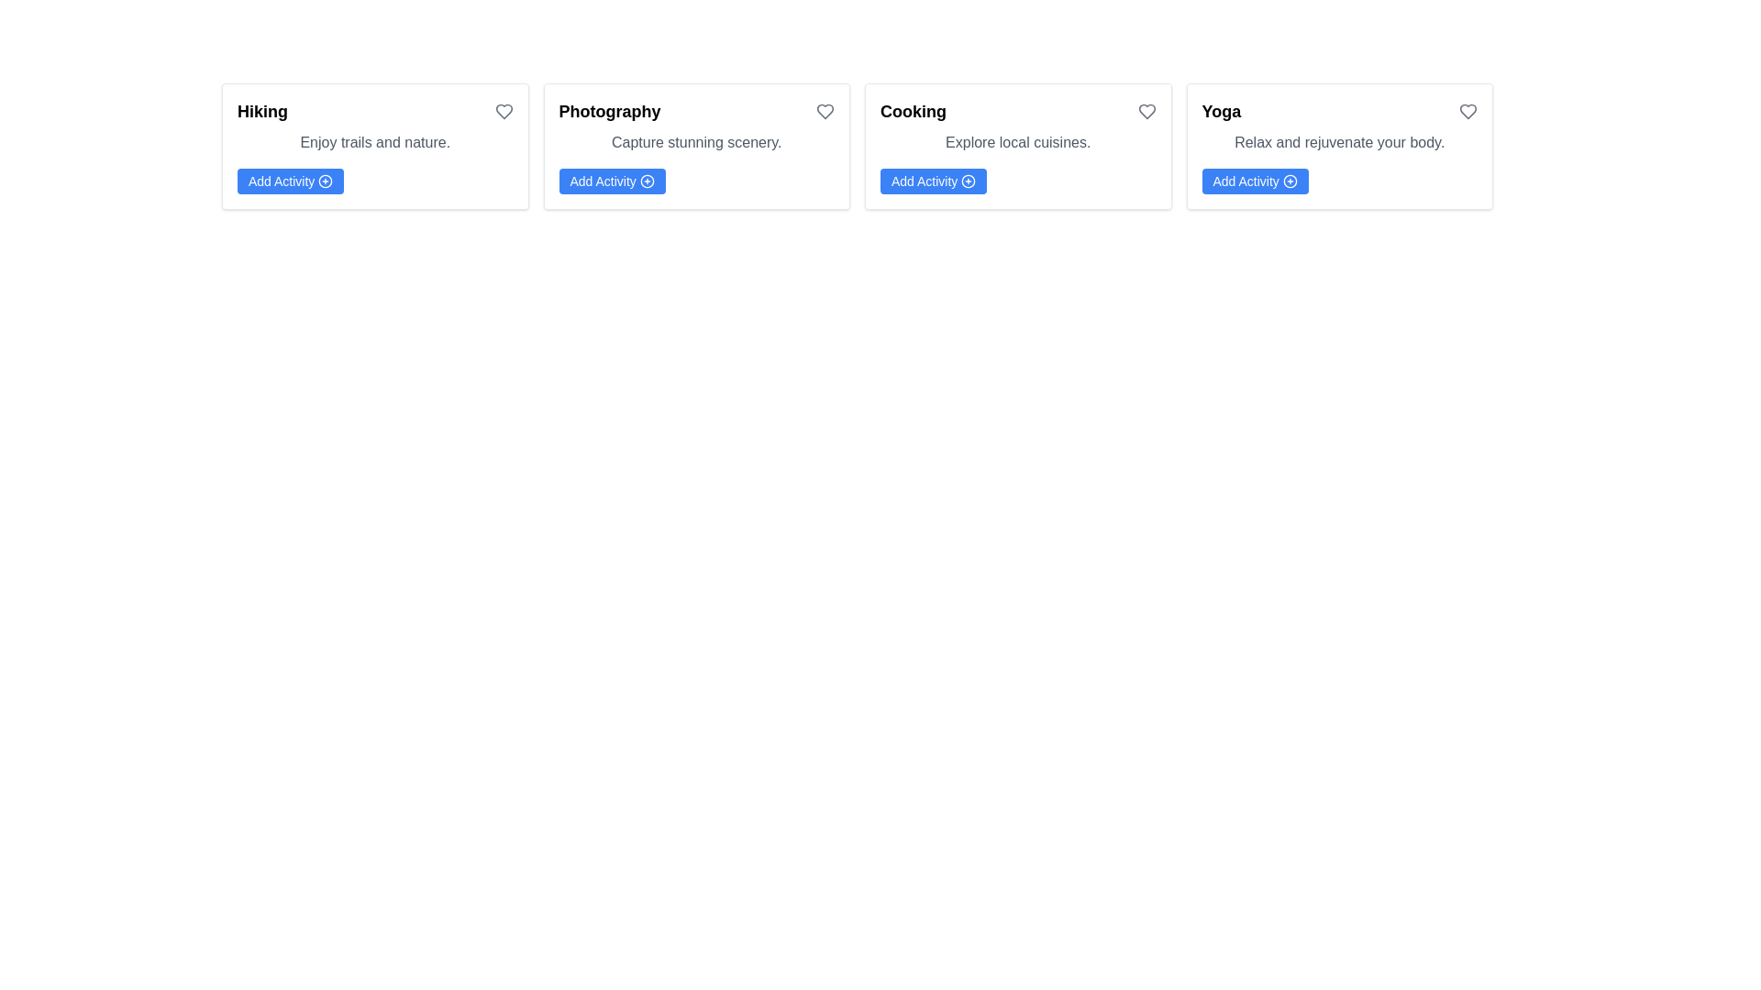 Image resolution: width=1761 pixels, height=990 pixels. What do you see at coordinates (1468, 112) in the screenshot?
I see `the heart-shaped favorite icon` at bounding box center [1468, 112].